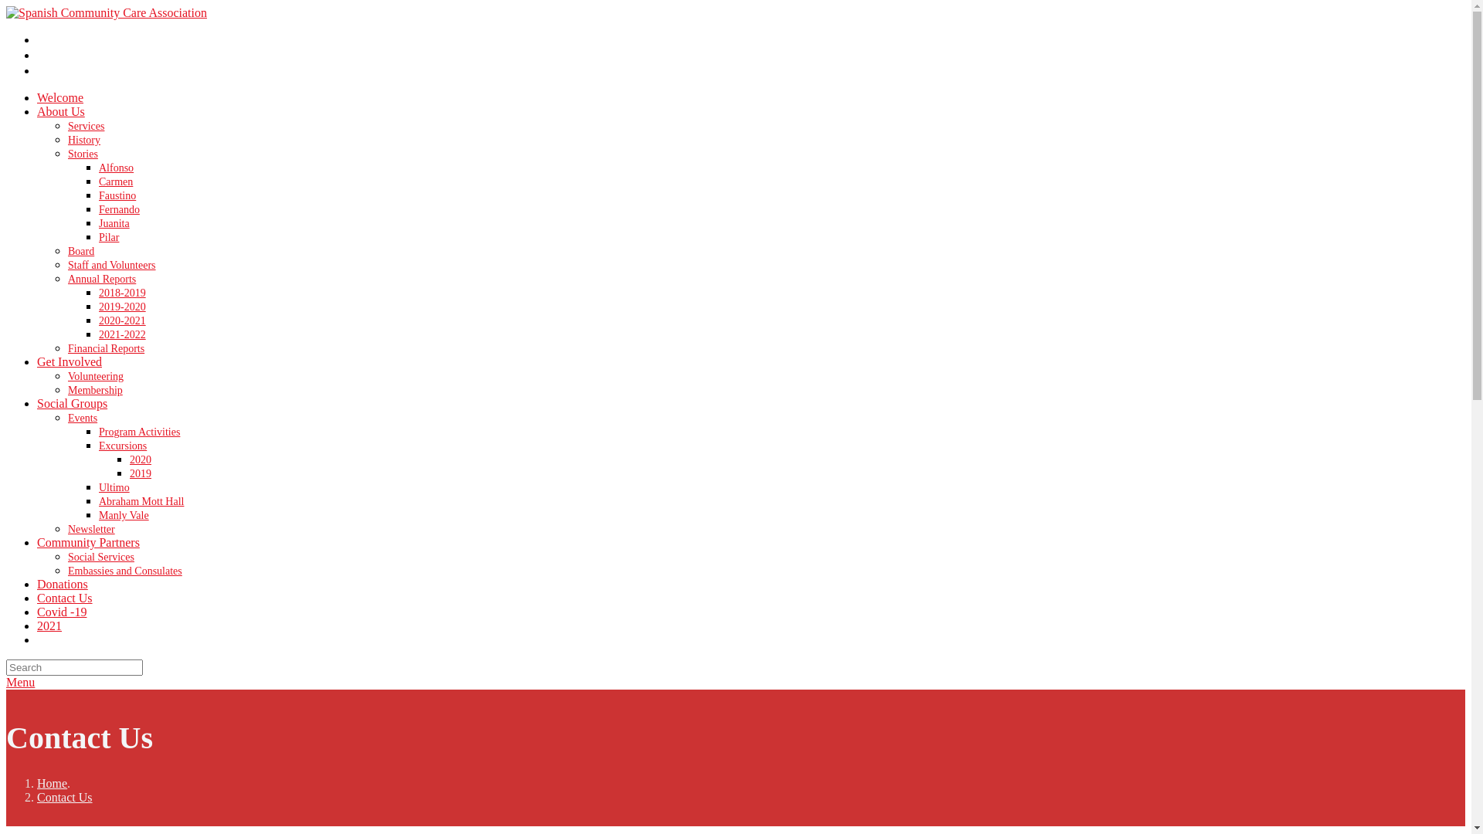 The height and width of the screenshot is (834, 1483). I want to click on '2020-2021', so click(121, 320).